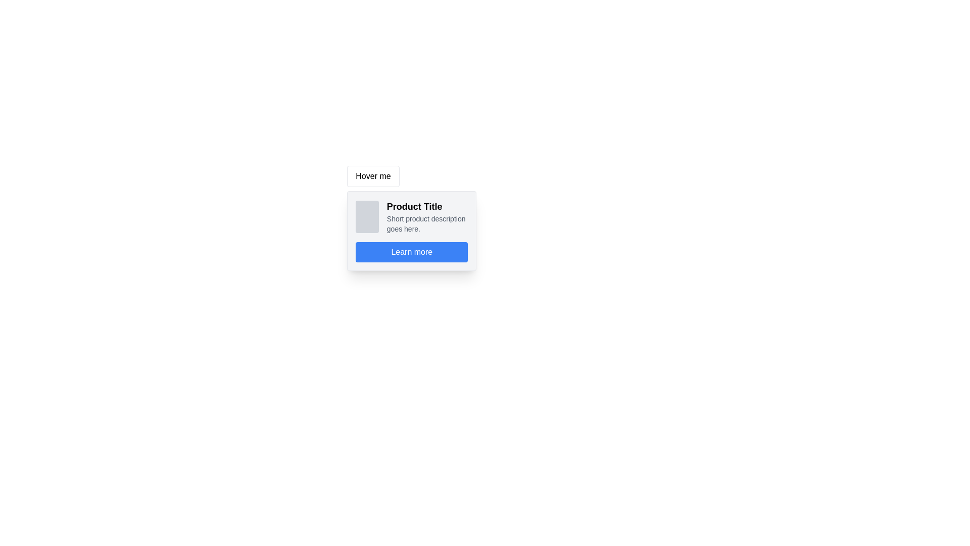  Describe the element at coordinates (412, 251) in the screenshot. I see `the 'Learn more' button located centrally at the bottom of the product details card` at that location.